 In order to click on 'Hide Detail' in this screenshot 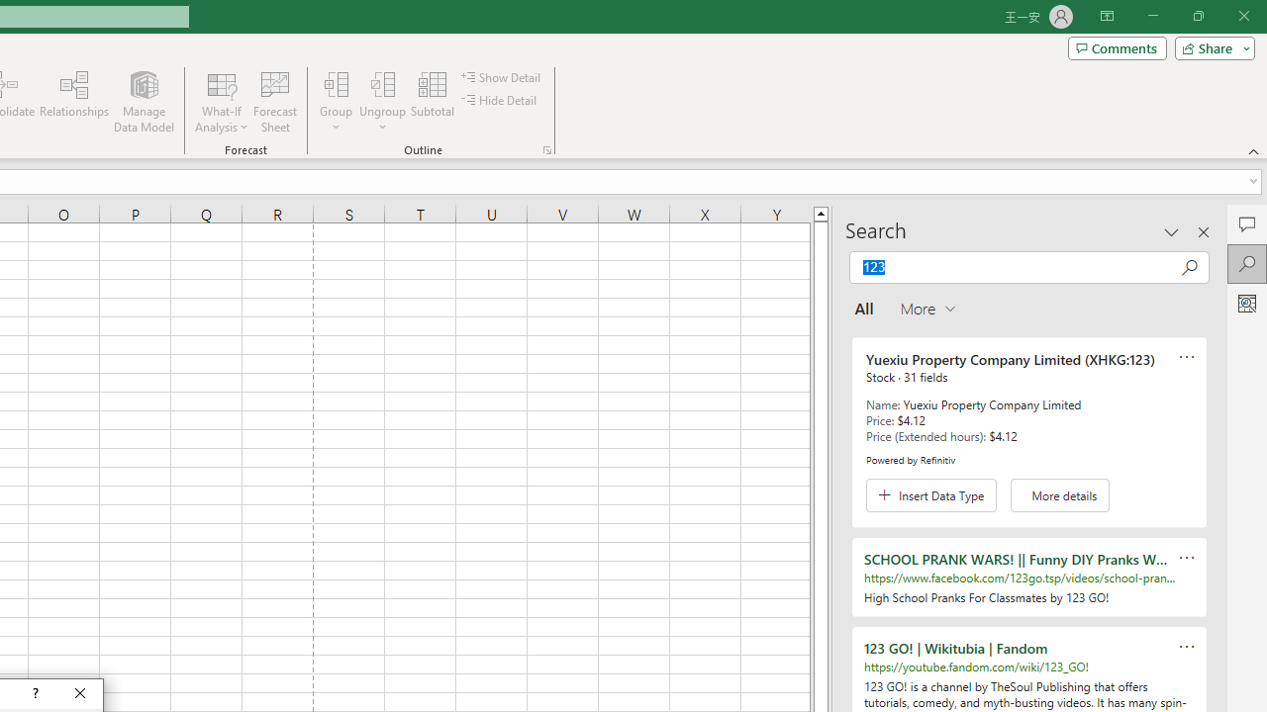, I will do `click(500, 100)`.